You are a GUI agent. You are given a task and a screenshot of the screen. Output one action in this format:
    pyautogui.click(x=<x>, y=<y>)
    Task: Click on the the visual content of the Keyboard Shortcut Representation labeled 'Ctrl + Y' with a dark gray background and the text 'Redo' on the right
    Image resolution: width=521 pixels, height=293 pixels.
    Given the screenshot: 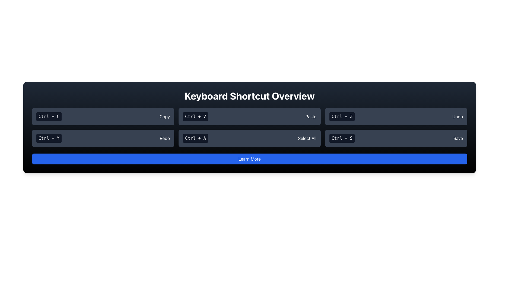 What is the action you would take?
    pyautogui.click(x=103, y=138)
    